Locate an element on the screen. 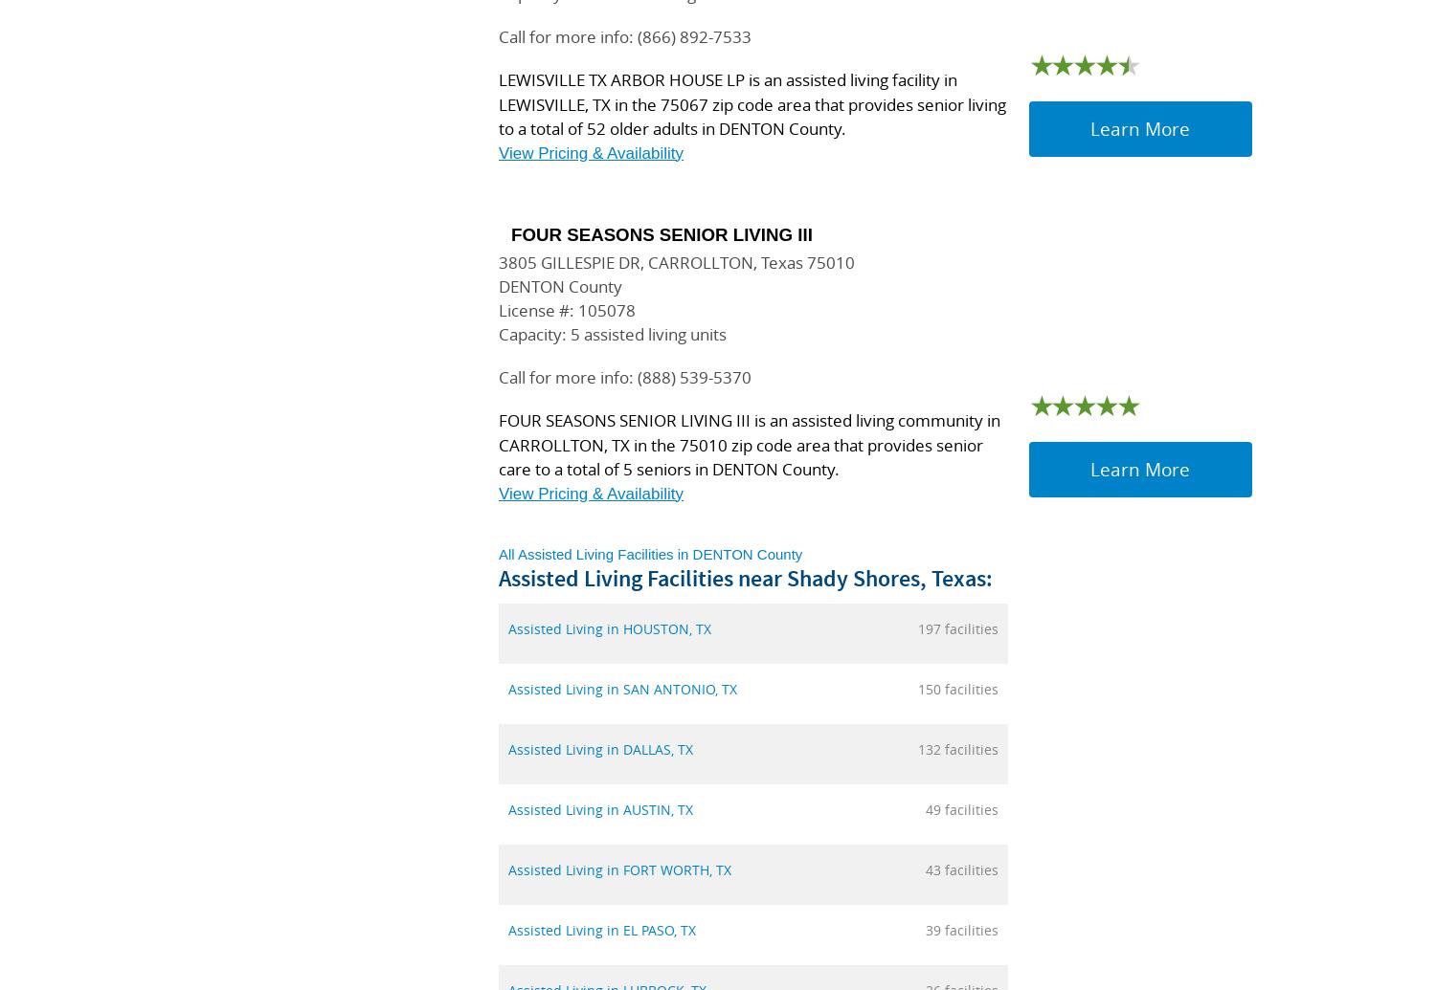 The height and width of the screenshot is (990, 1436). '49 facilities' is located at coordinates (962, 808).